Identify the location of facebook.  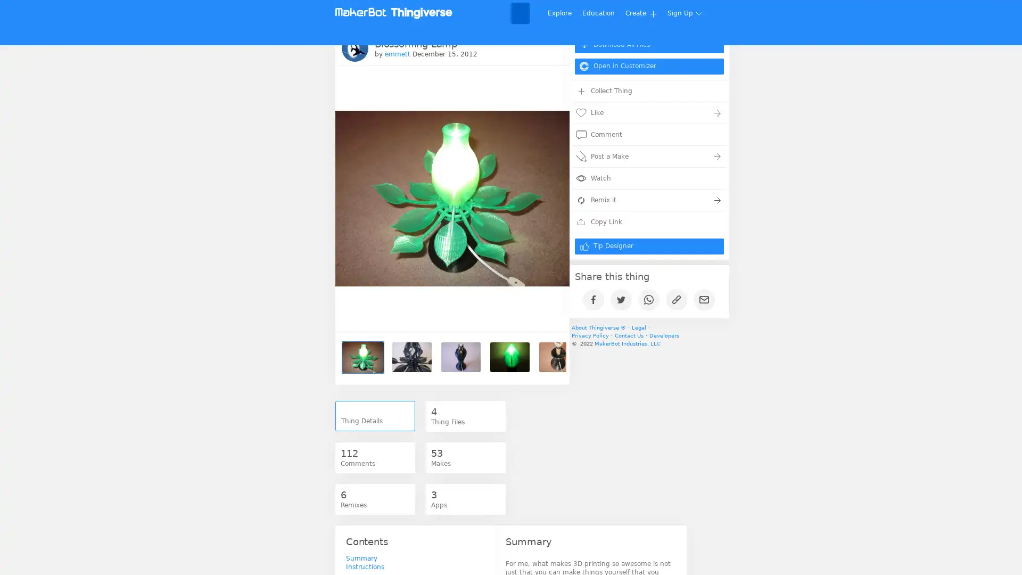
(597, 298).